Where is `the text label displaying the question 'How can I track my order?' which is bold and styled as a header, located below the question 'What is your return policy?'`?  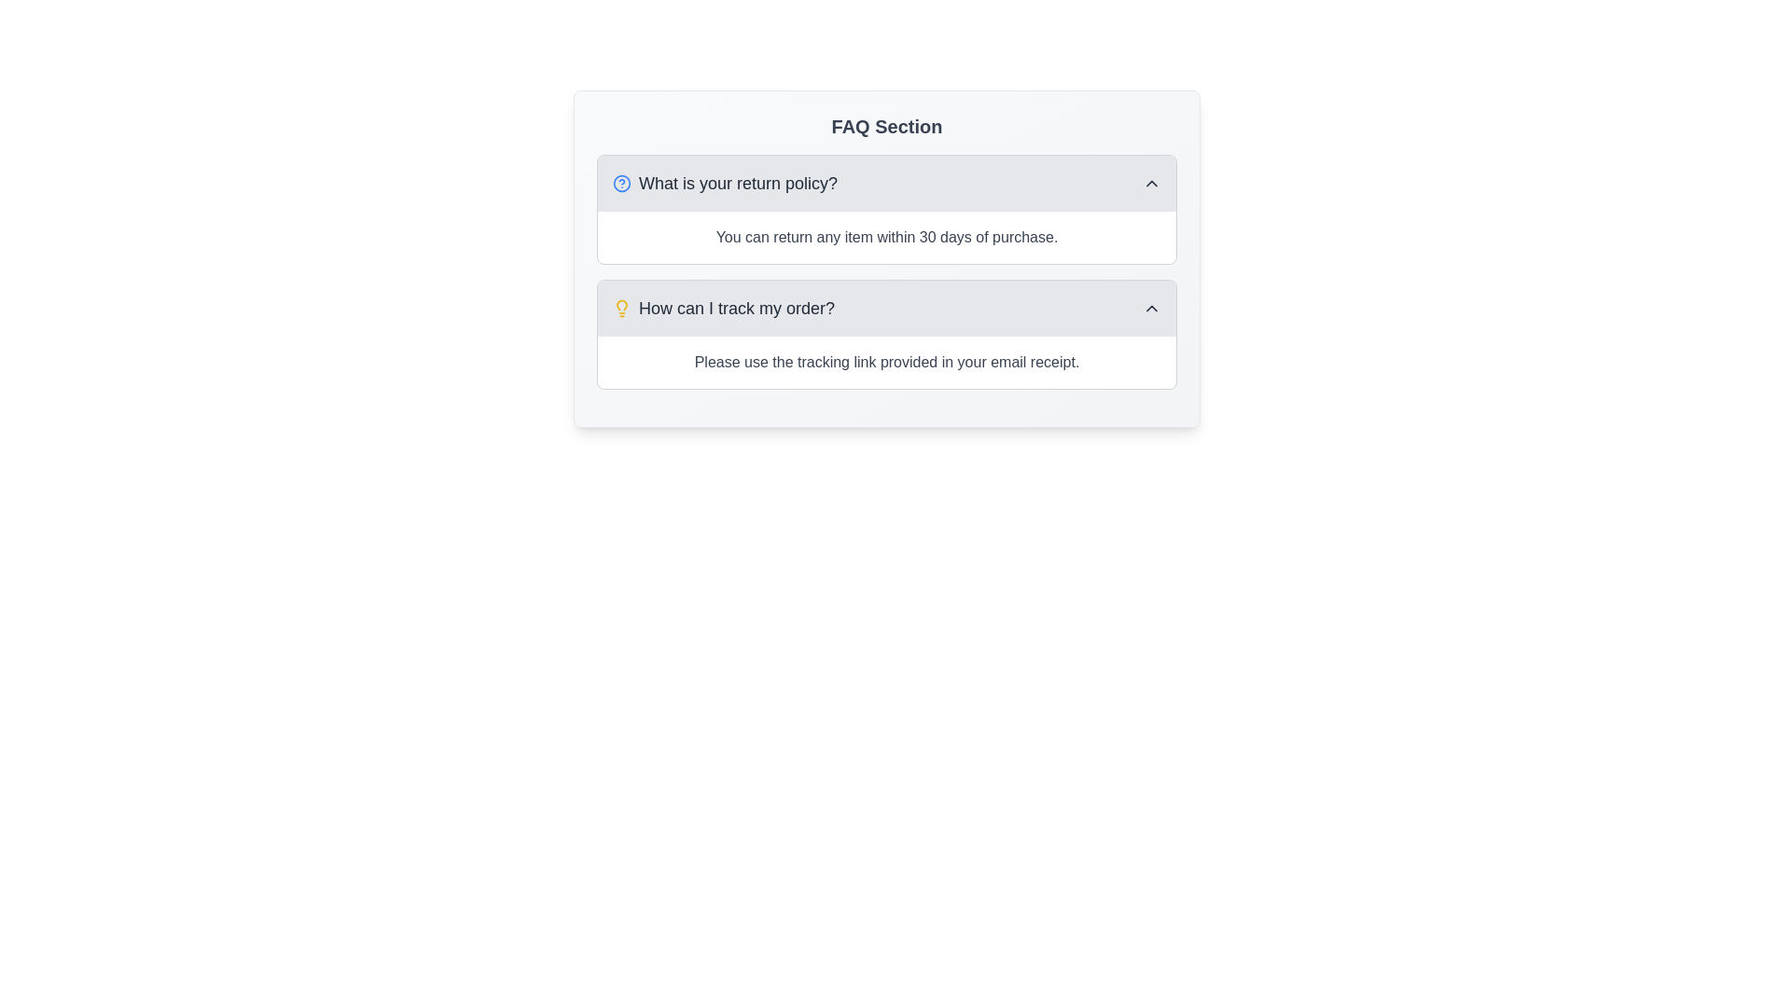 the text label displaying the question 'How can I track my order?' which is bold and styled as a header, located below the question 'What is your return policy?' is located at coordinates (723, 308).